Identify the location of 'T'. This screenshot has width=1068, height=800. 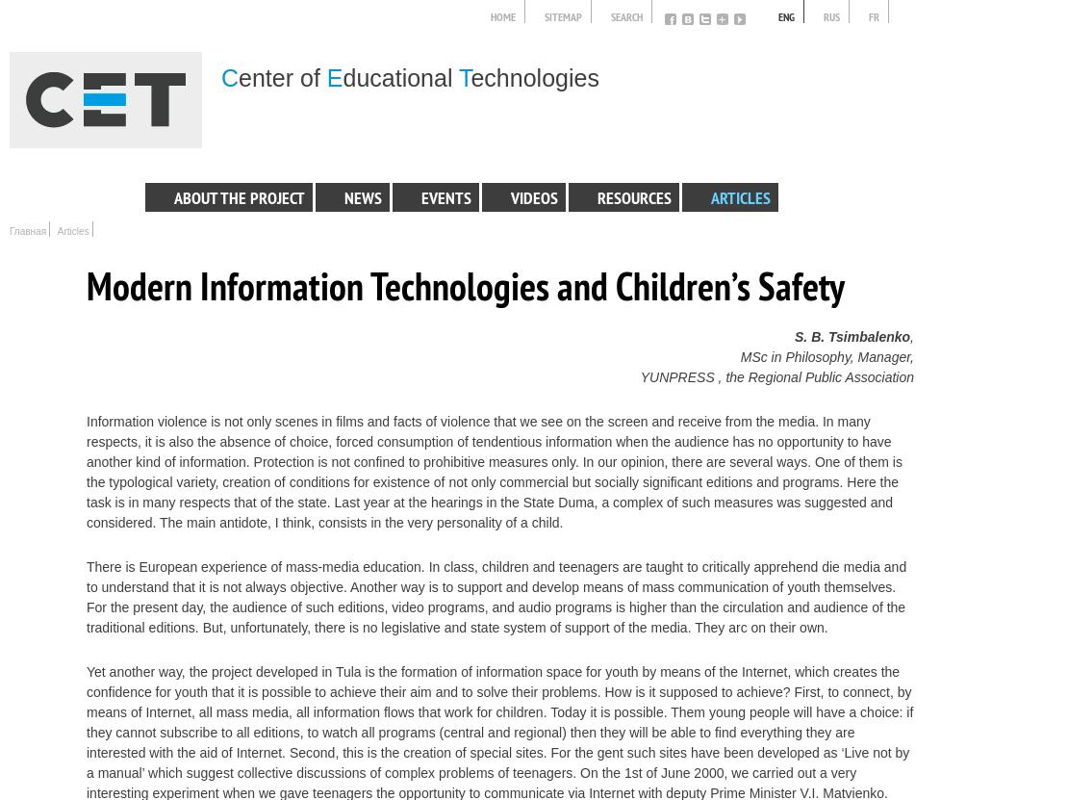
(457, 77).